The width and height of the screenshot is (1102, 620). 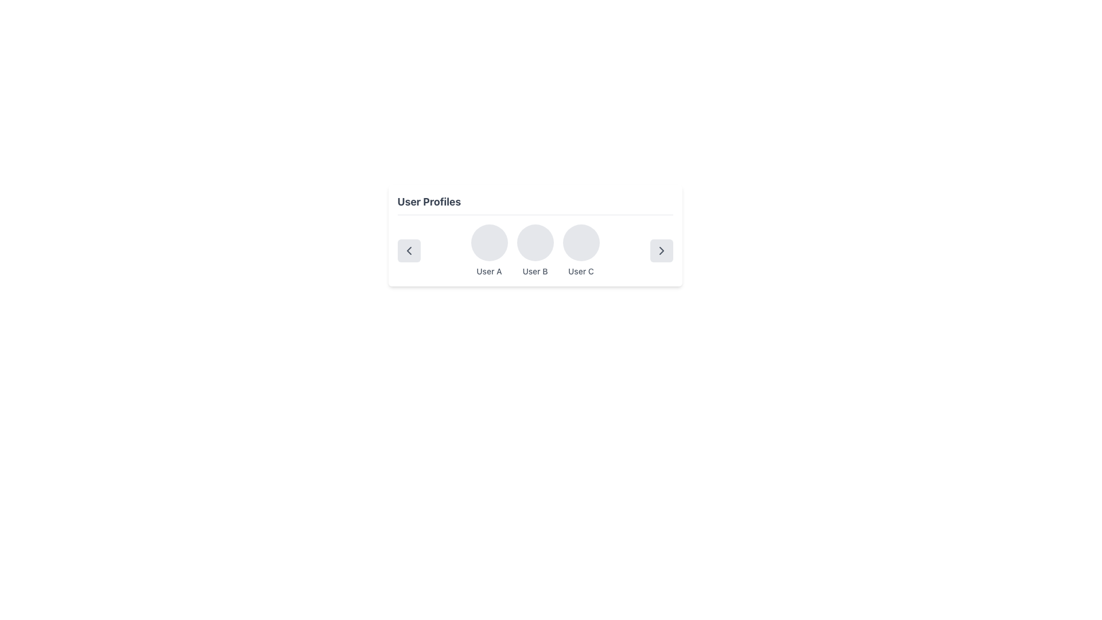 I want to click on the non-interactive text label that identifies the associated profile for 'User B', centrally located beneath the circular placeholder for 'User B's profile, so click(x=534, y=272).